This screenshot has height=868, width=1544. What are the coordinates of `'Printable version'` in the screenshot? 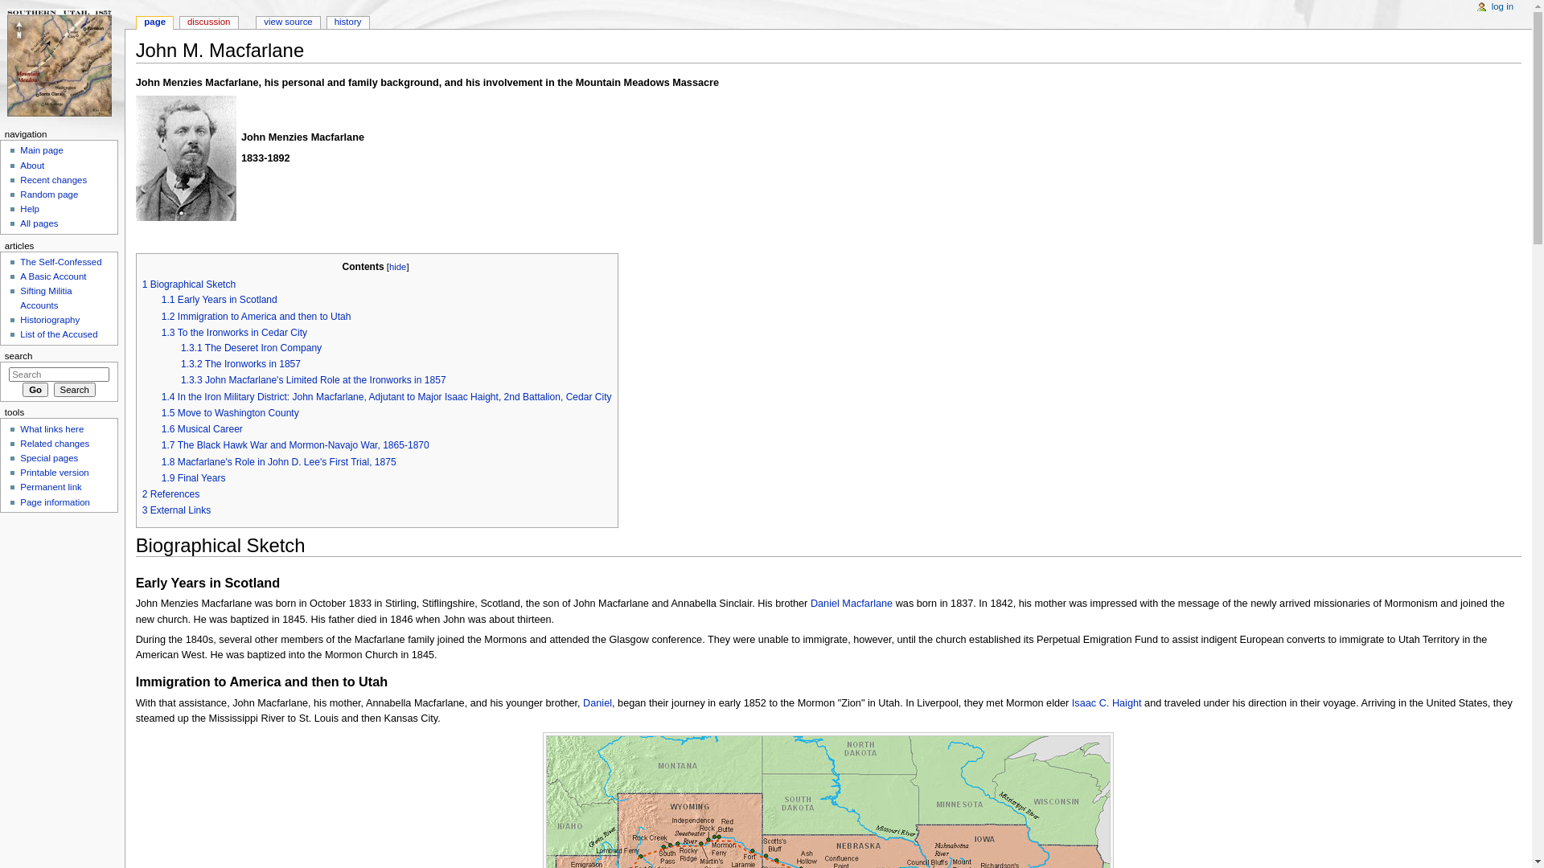 It's located at (19, 471).